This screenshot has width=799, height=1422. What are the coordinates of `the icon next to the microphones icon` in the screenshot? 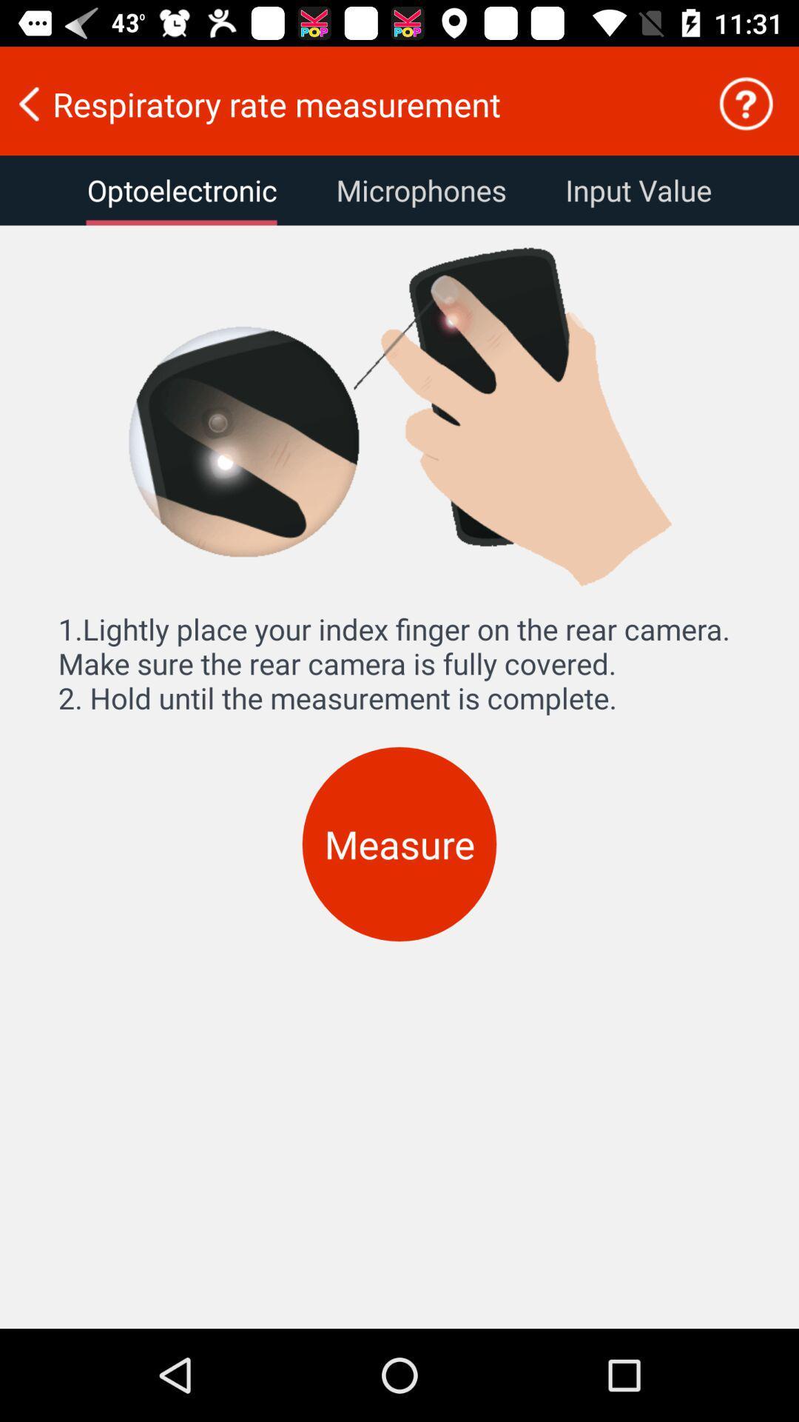 It's located at (181, 190).